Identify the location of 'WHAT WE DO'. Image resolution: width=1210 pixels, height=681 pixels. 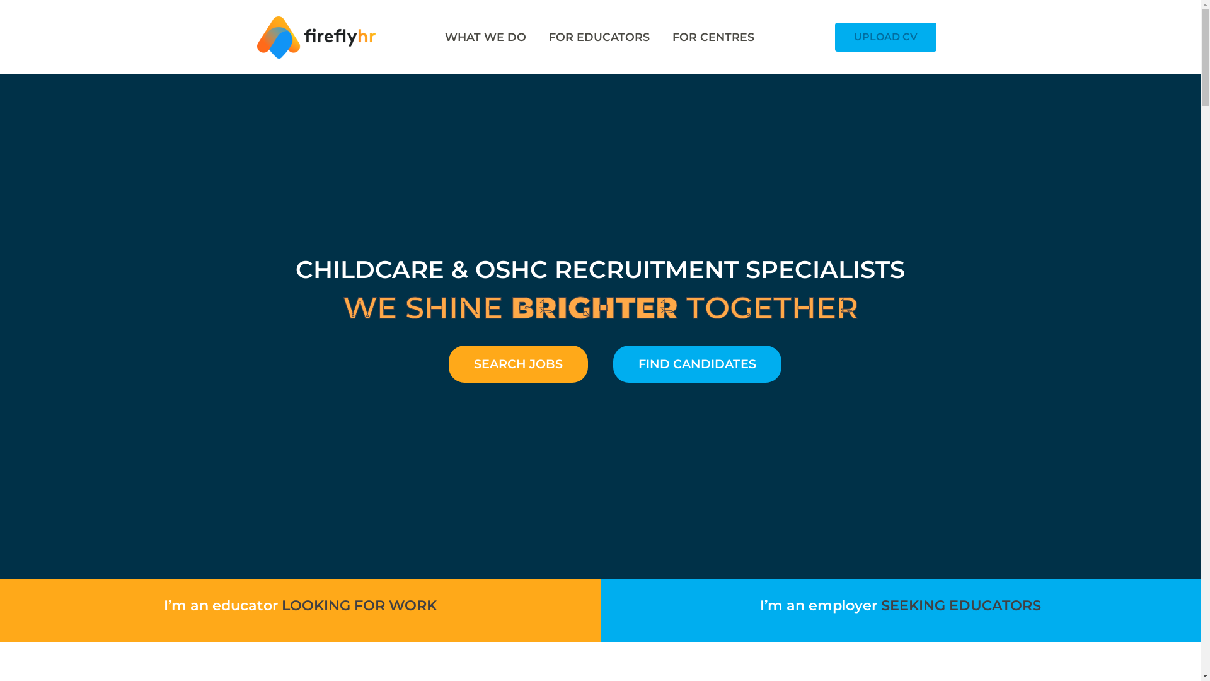
(433, 36).